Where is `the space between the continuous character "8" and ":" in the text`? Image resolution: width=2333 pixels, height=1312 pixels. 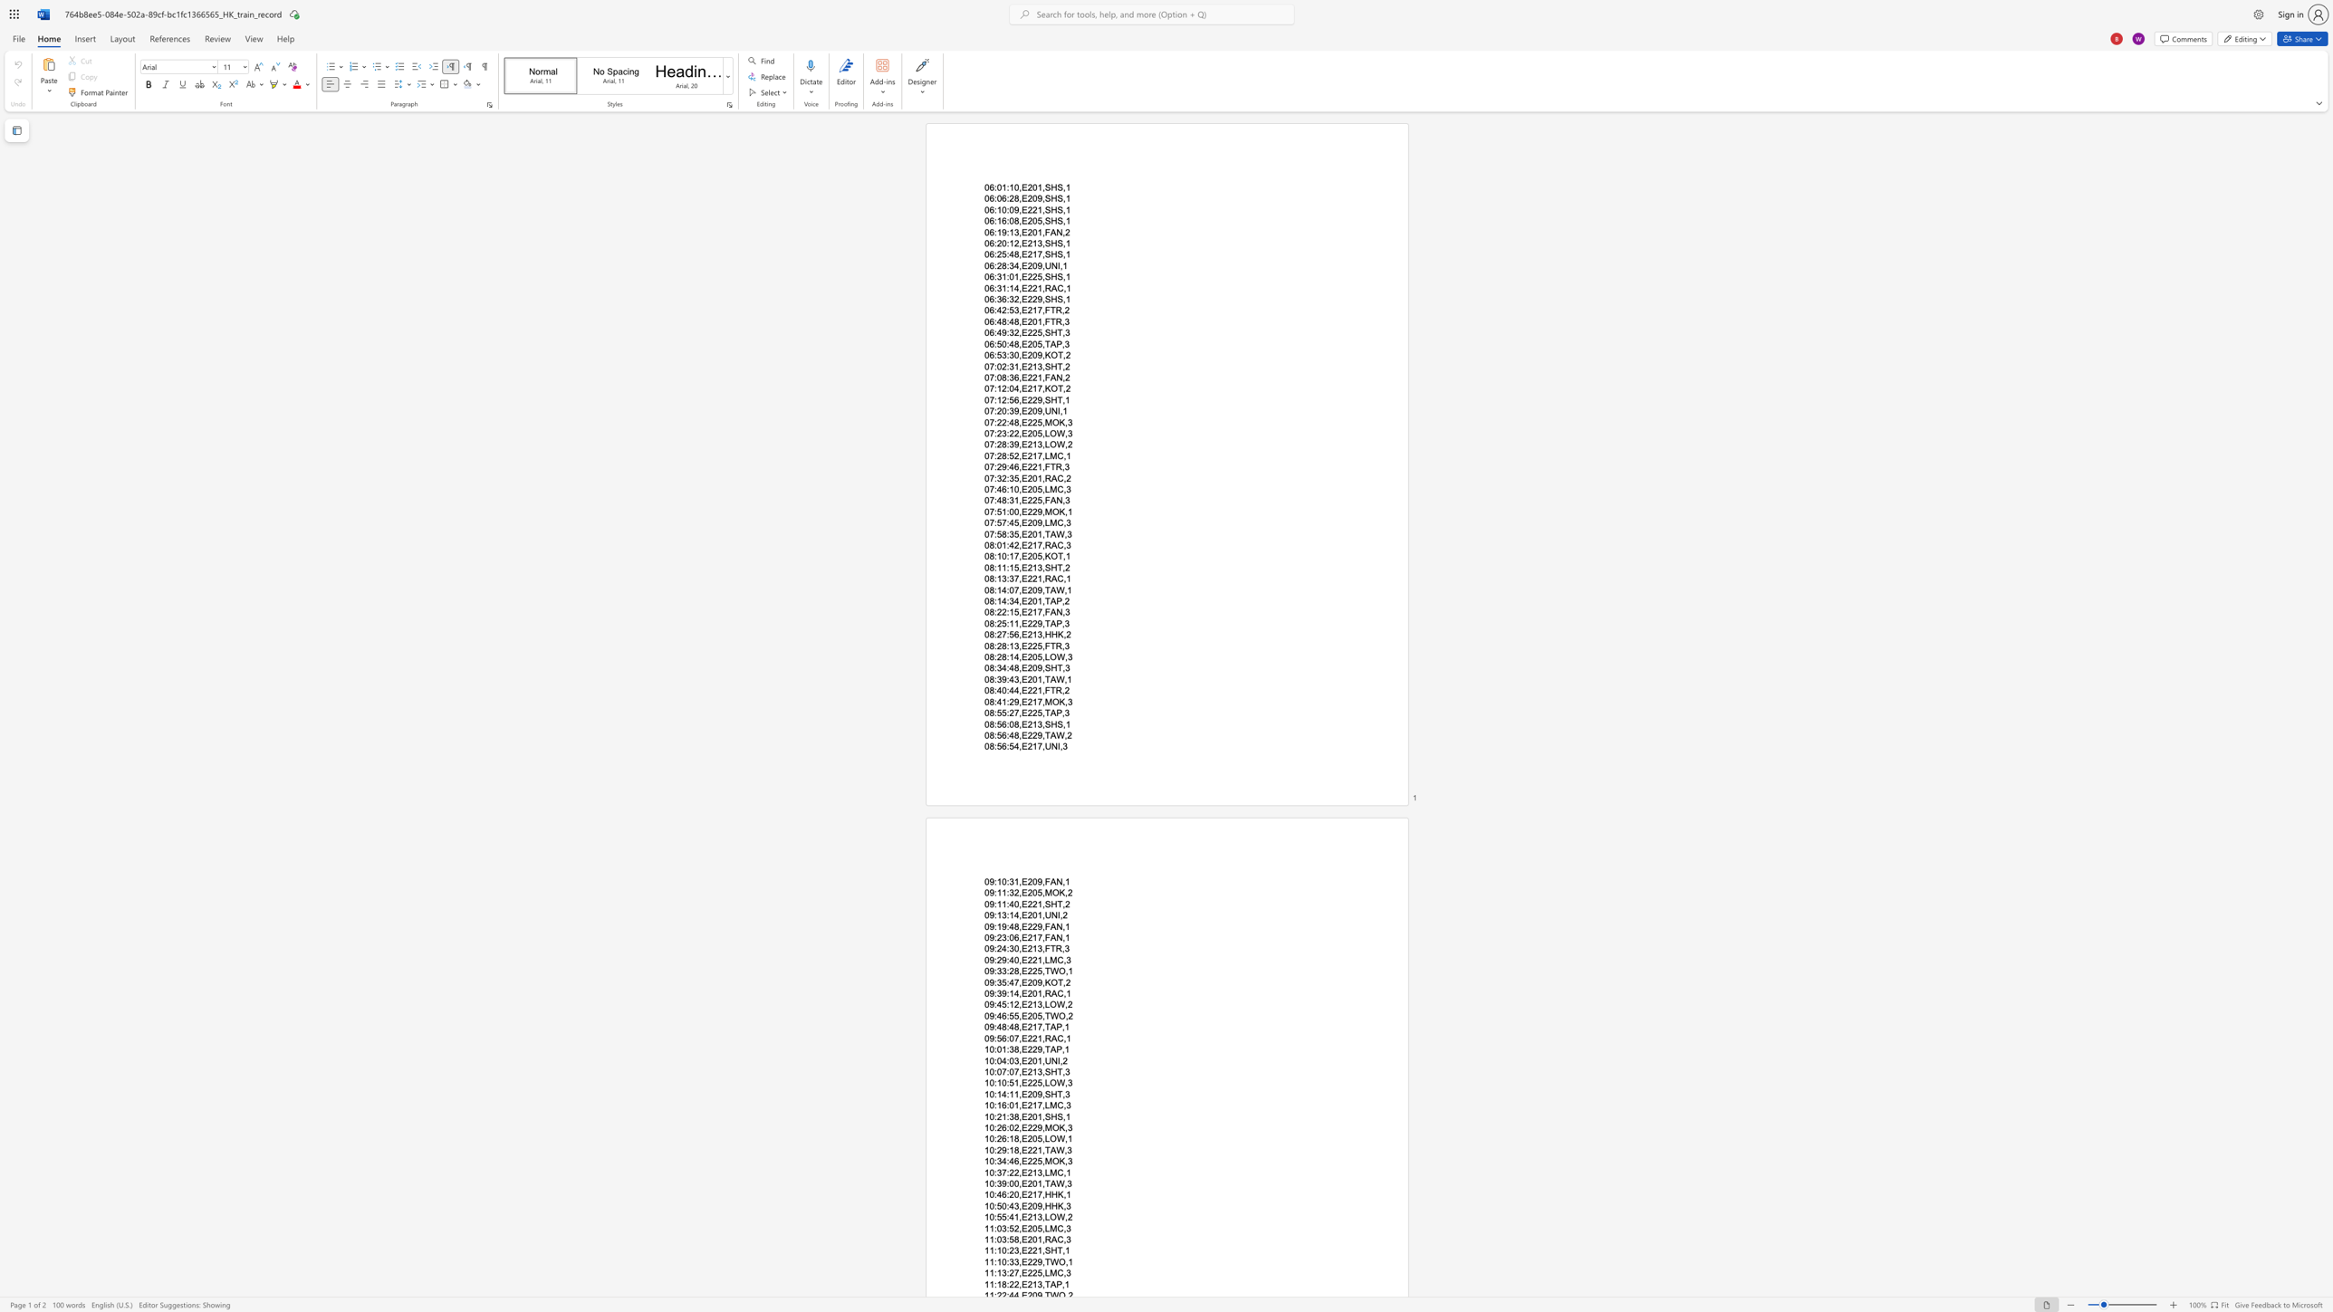 the space between the continuous character "8" and ":" in the text is located at coordinates (993, 746).